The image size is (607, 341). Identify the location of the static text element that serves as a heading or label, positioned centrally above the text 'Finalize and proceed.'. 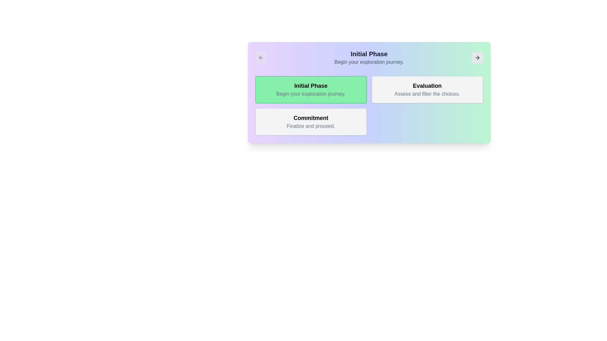
(311, 118).